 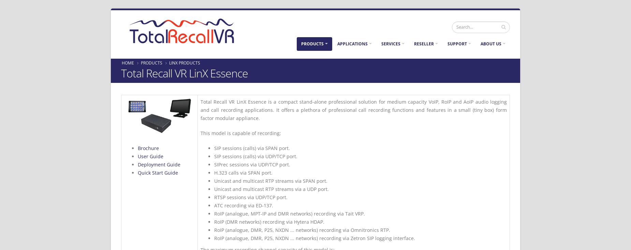 What do you see at coordinates (289, 213) in the screenshot?
I see `'RoIP (analogue, MPT-IP and DMR networks) recording via Tait VRP.'` at bounding box center [289, 213].